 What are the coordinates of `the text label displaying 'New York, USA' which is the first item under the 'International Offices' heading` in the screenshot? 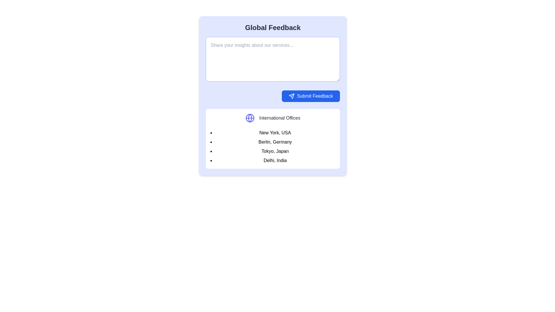 It's located at (275, 133).